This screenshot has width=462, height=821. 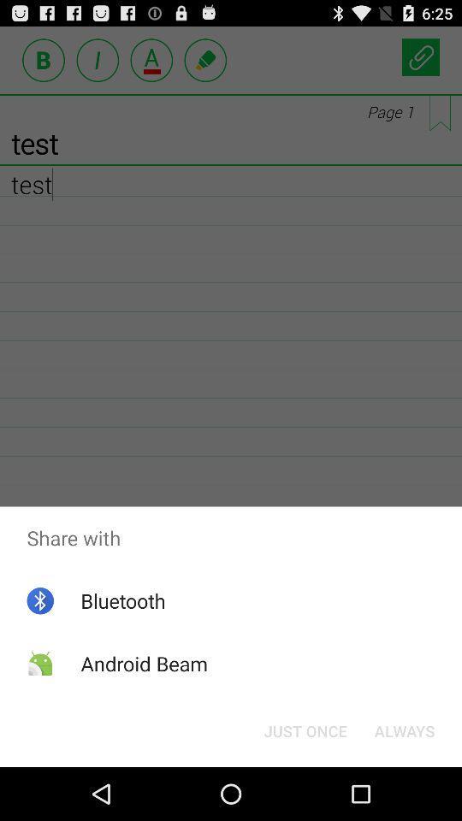 I want to click on item below the share with item, so click(x=305, y=729).